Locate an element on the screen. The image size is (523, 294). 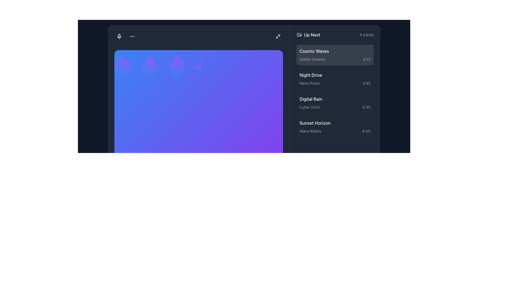
the static text label indicating the duration of the track 'Cosmic Waves', which is located on the far right end of the row in the 'Up Next' list is located at coordinates (367, 59).